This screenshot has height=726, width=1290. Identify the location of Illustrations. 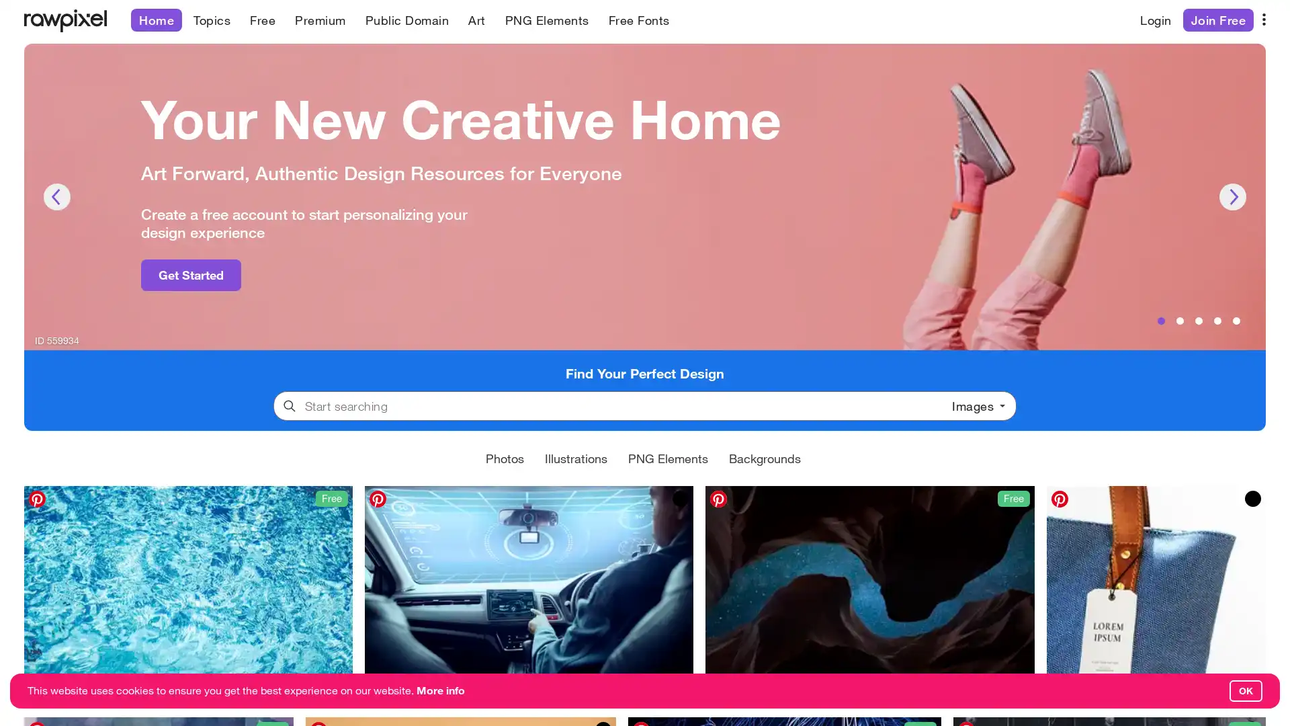
(576, 457).